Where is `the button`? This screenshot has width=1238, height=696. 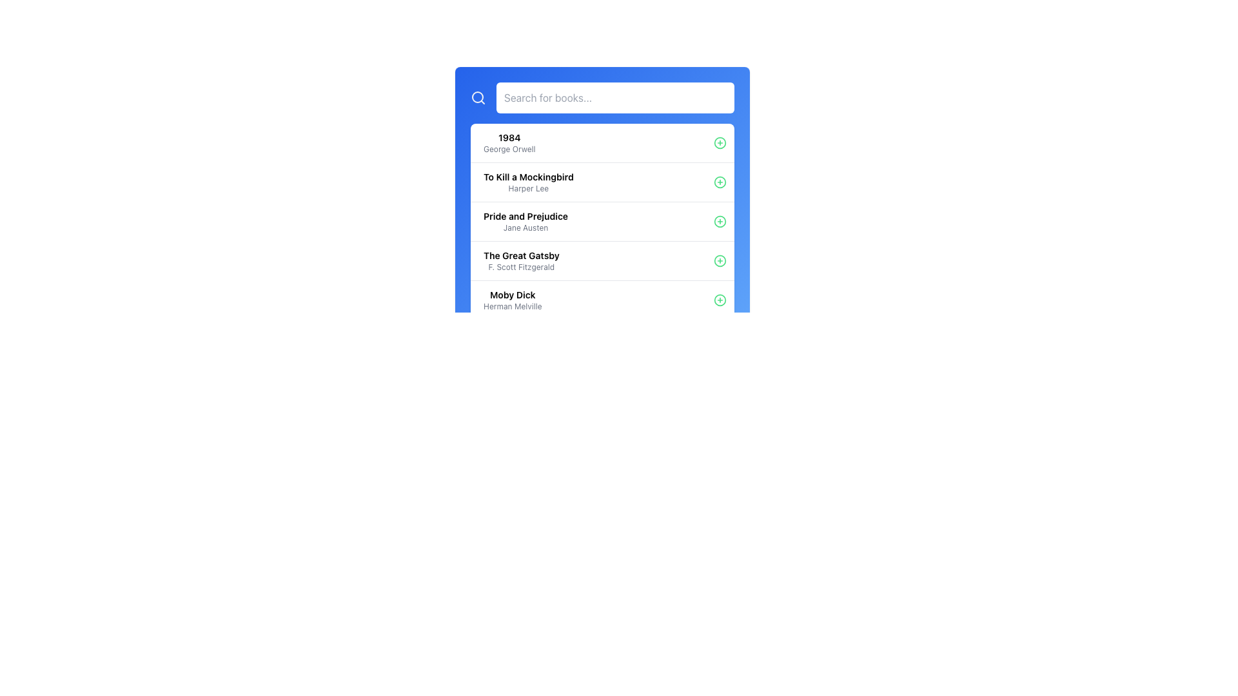 the button is located at coordinates (720, 182).